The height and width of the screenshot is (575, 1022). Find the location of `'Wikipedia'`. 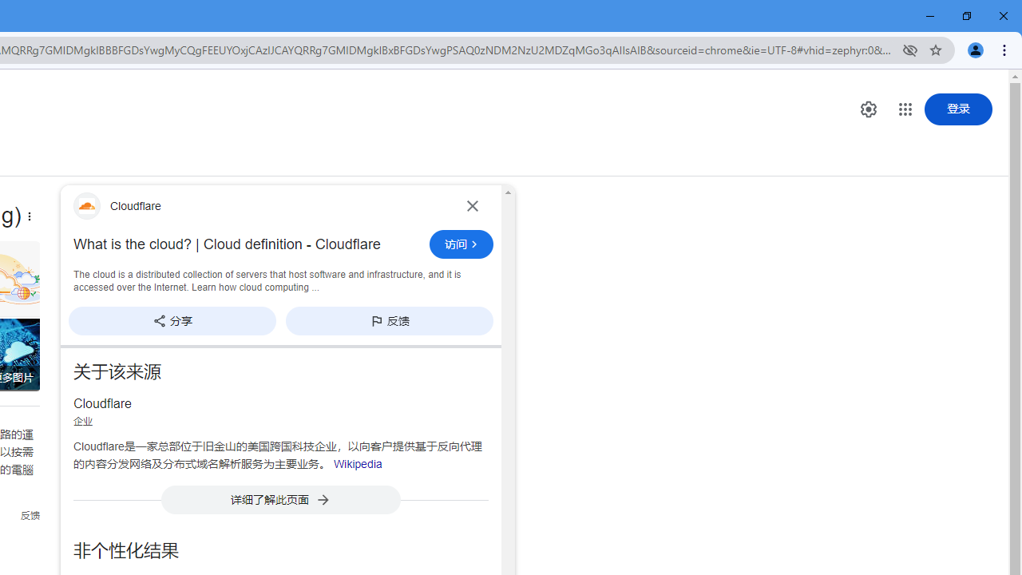

'Wikipedia' is located at coordinates (357, 464).